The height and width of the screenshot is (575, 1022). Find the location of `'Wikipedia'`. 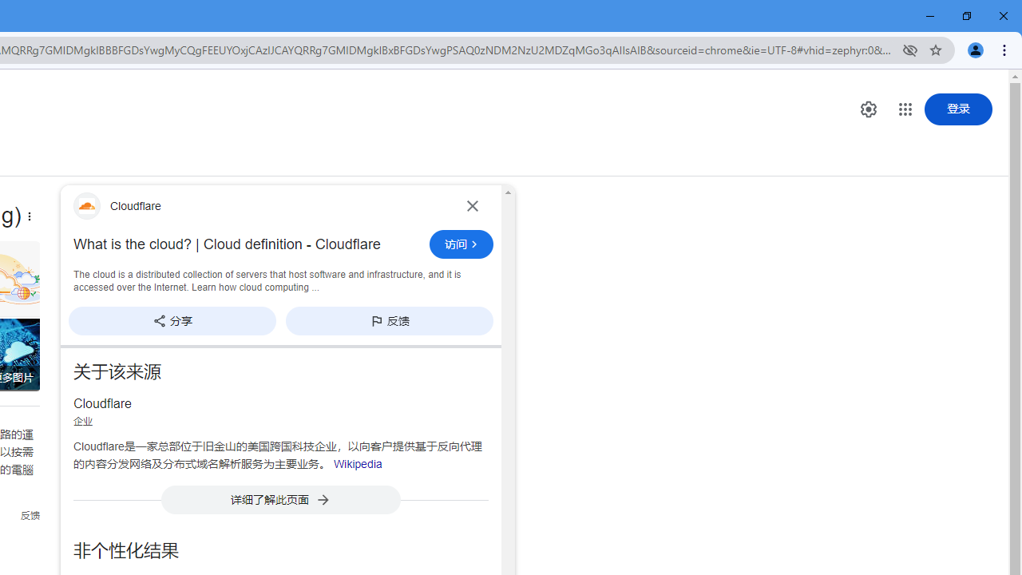

'Wikipedia' is located at coordinates (357, 464).